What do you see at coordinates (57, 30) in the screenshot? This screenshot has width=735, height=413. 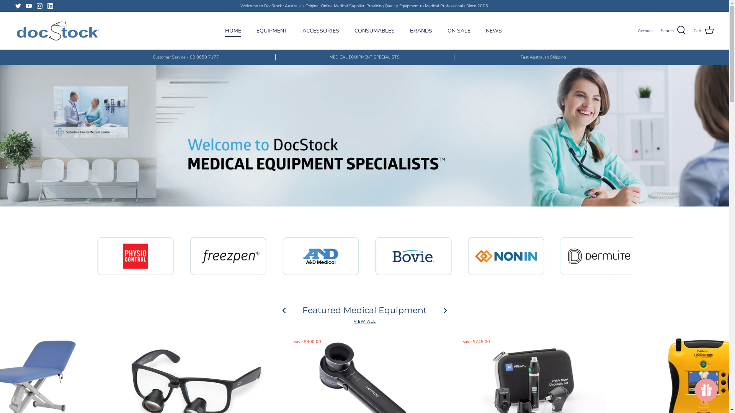 I see `'DocStock'` at bounding box center [57, 30].